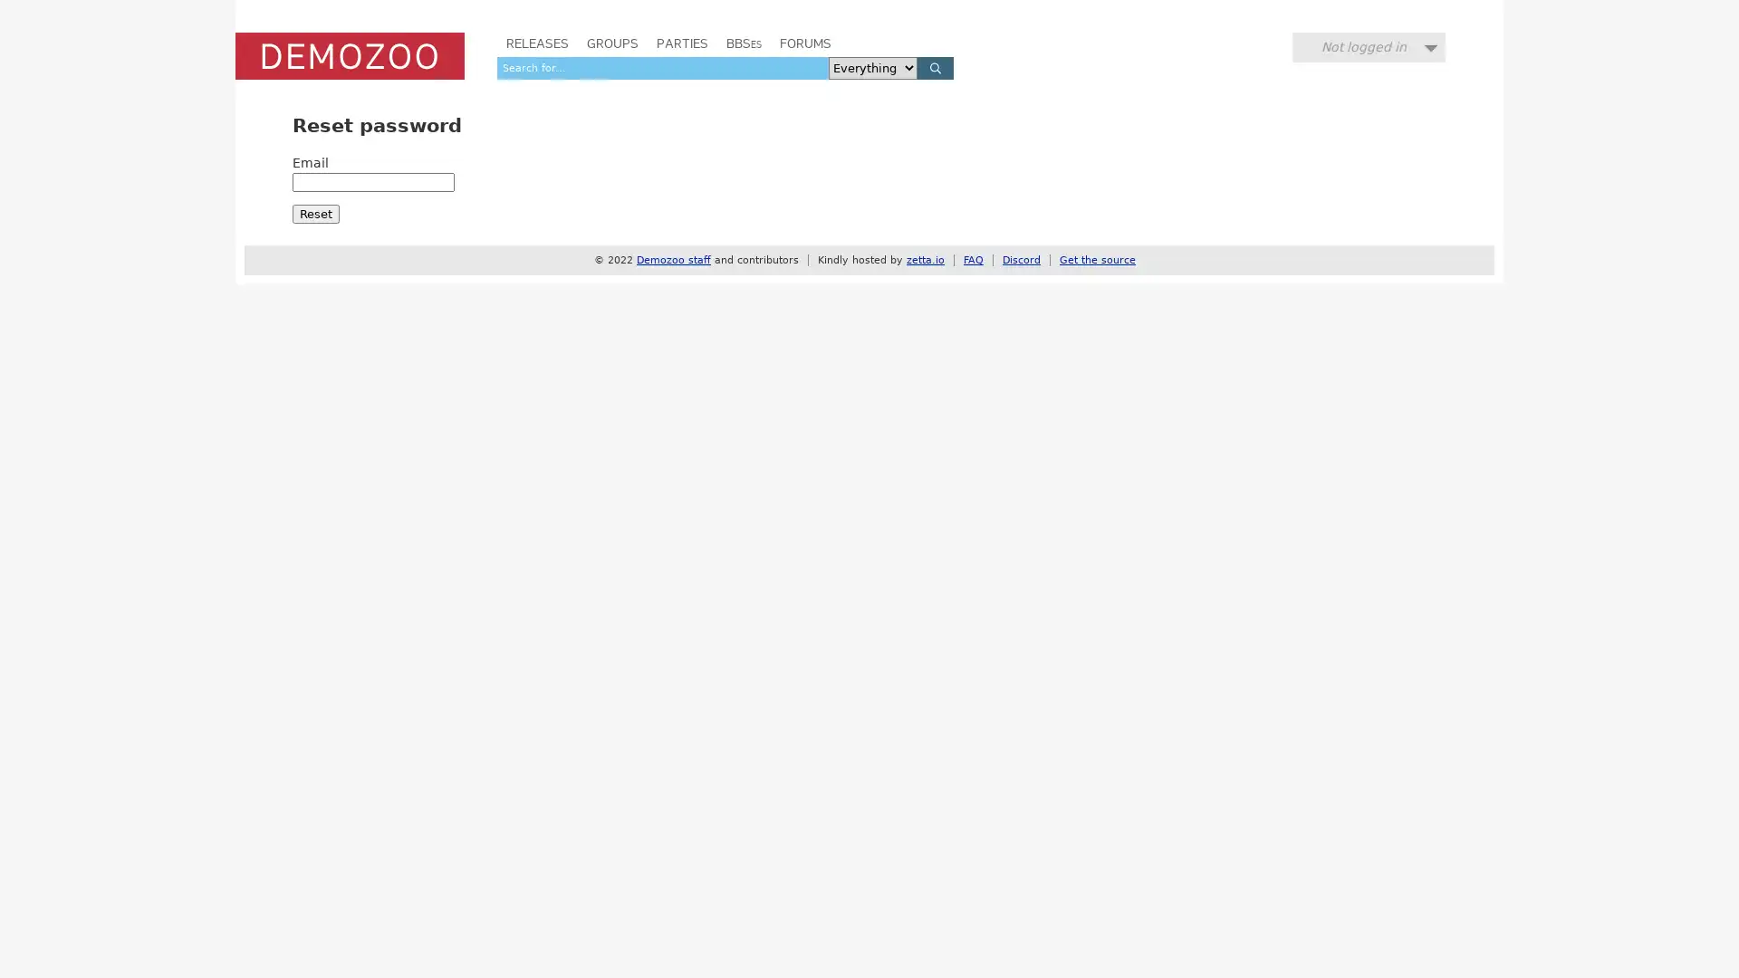  Describe the element at coordinates (316, 212) in the screenshot. I see `Reset` at that location.